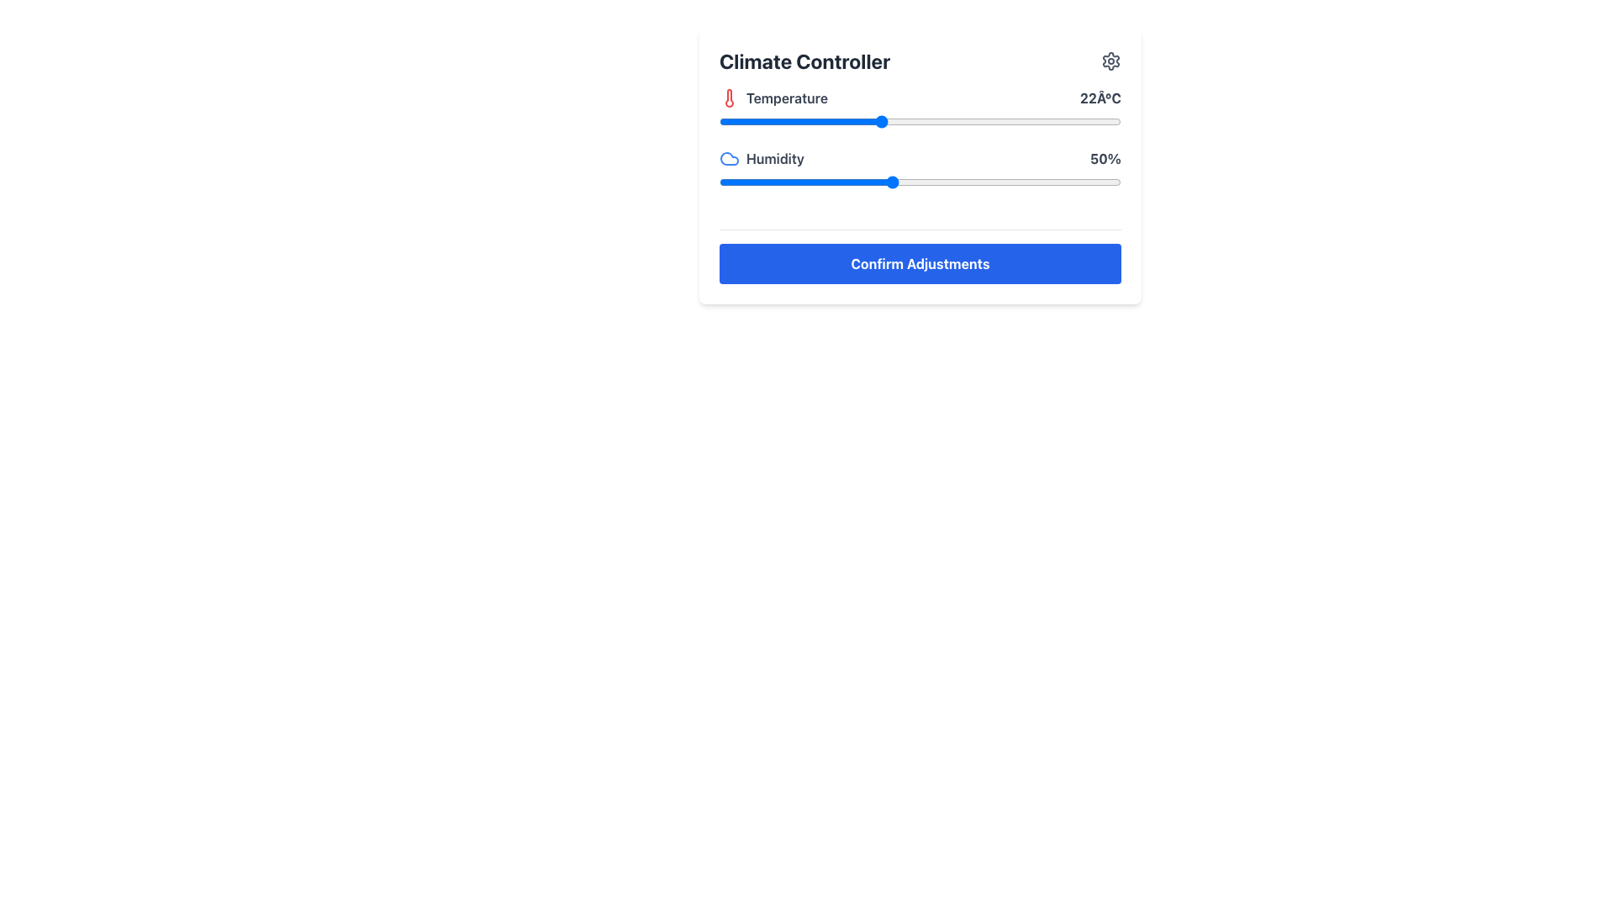  What do you see at coordinates (799, 121) in the screenshot?
I see `the temperature` at bounding box center [799, 121].